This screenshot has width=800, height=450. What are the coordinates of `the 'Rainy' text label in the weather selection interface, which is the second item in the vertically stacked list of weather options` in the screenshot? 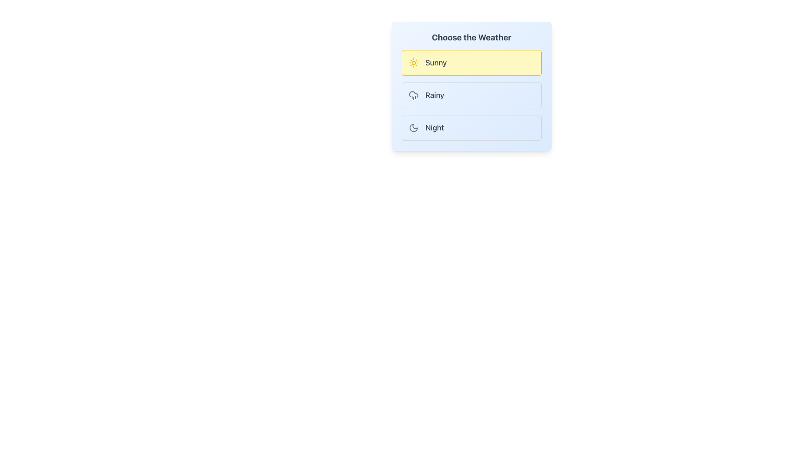 It's located at (434, 95).